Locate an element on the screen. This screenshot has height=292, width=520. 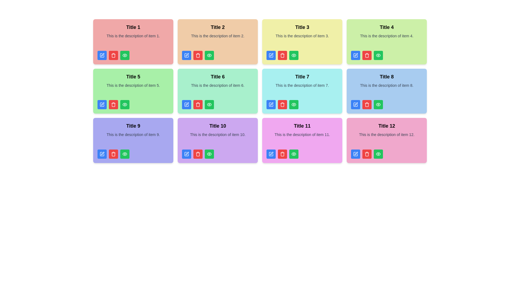
the descriptive text block located within the red card titled 'Title 1', positioned immediately below the title and above a group of interactive buttons is located at coordinates (133, 40).